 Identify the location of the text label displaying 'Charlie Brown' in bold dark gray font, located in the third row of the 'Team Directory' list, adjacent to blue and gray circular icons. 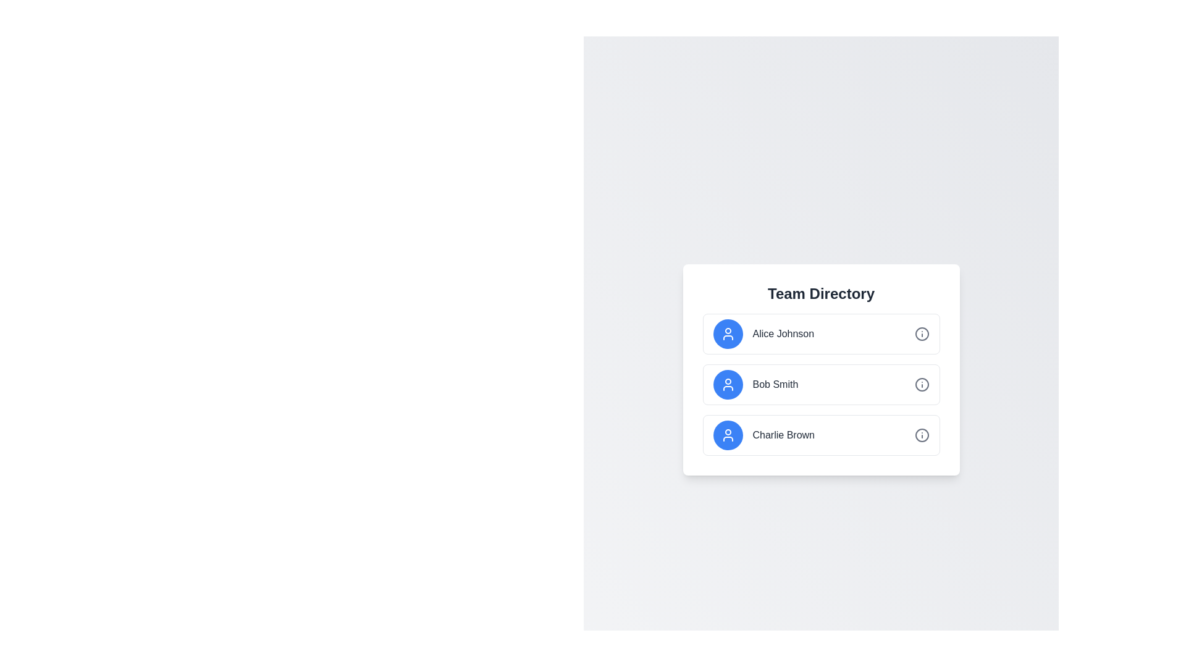
(783, 435).